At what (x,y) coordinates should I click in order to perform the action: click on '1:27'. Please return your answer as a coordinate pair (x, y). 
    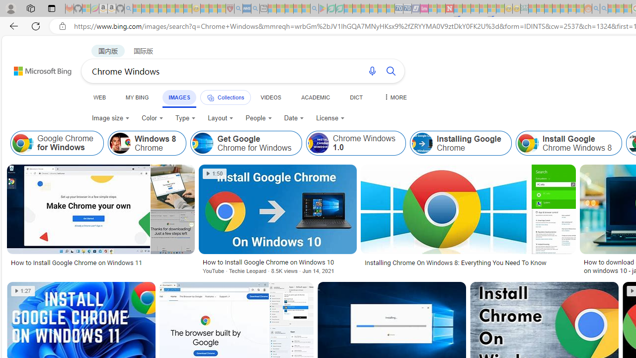
    Looking at the image, I should click on (23, 291).